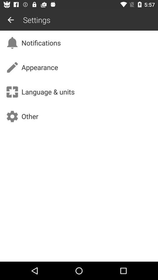  I want to click on icon next to the settings, so click(11, 20).